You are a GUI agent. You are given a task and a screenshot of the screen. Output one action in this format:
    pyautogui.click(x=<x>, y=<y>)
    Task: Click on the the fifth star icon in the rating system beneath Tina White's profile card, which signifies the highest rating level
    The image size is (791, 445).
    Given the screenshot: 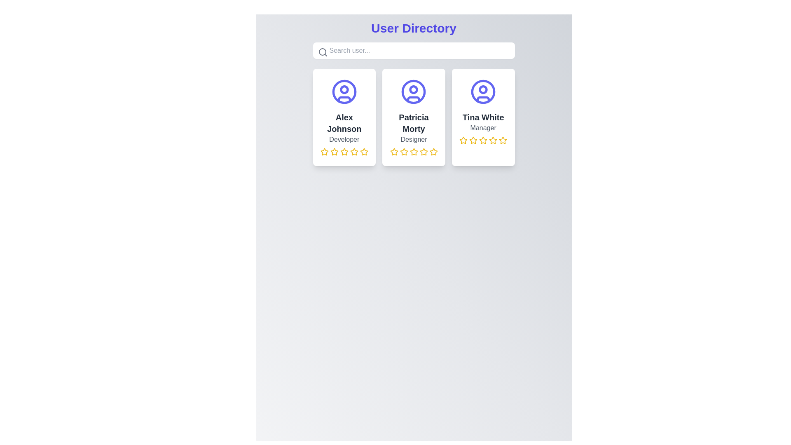 What is the action you would take?
    pyautogui.click(x=503, y=140)
    